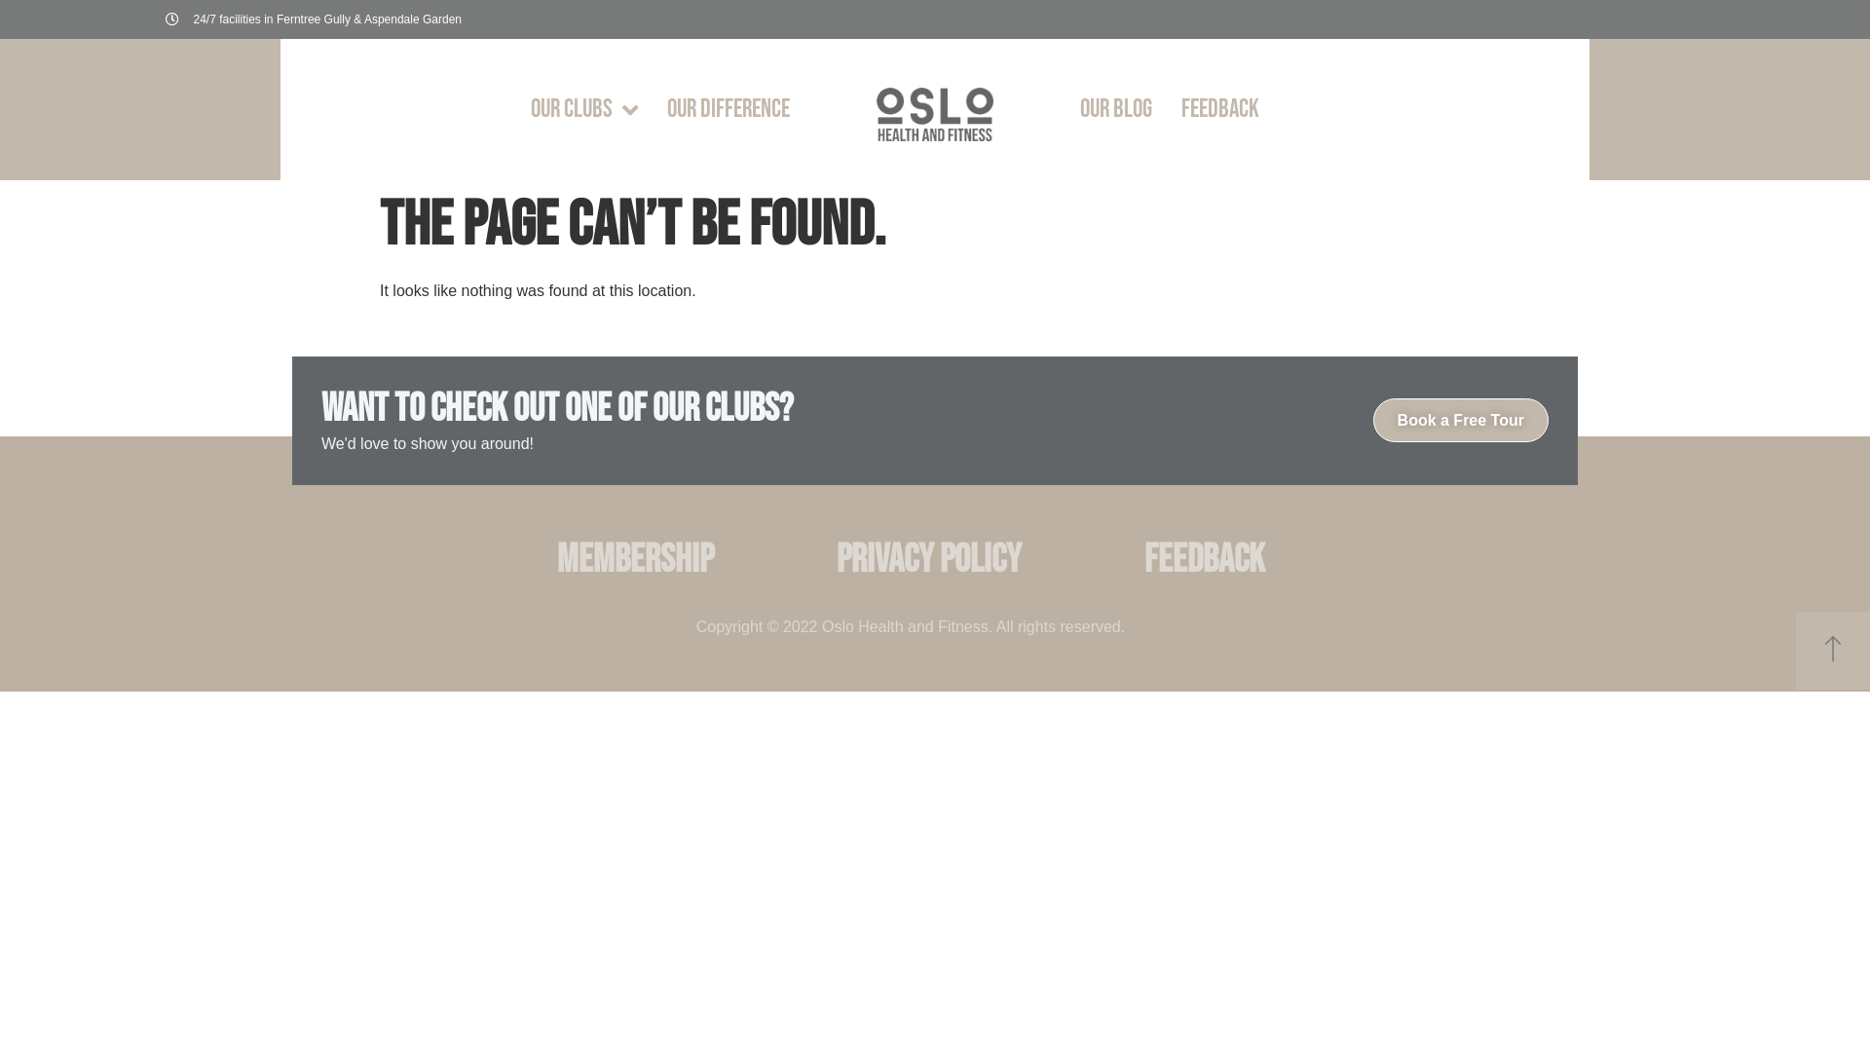 The height and width of the screenshot is (1052, 1870). What do you see at coordinates (1116, 109) in the screenshot?
I see `'Our Blog'` at bounding box center [1116, 109].